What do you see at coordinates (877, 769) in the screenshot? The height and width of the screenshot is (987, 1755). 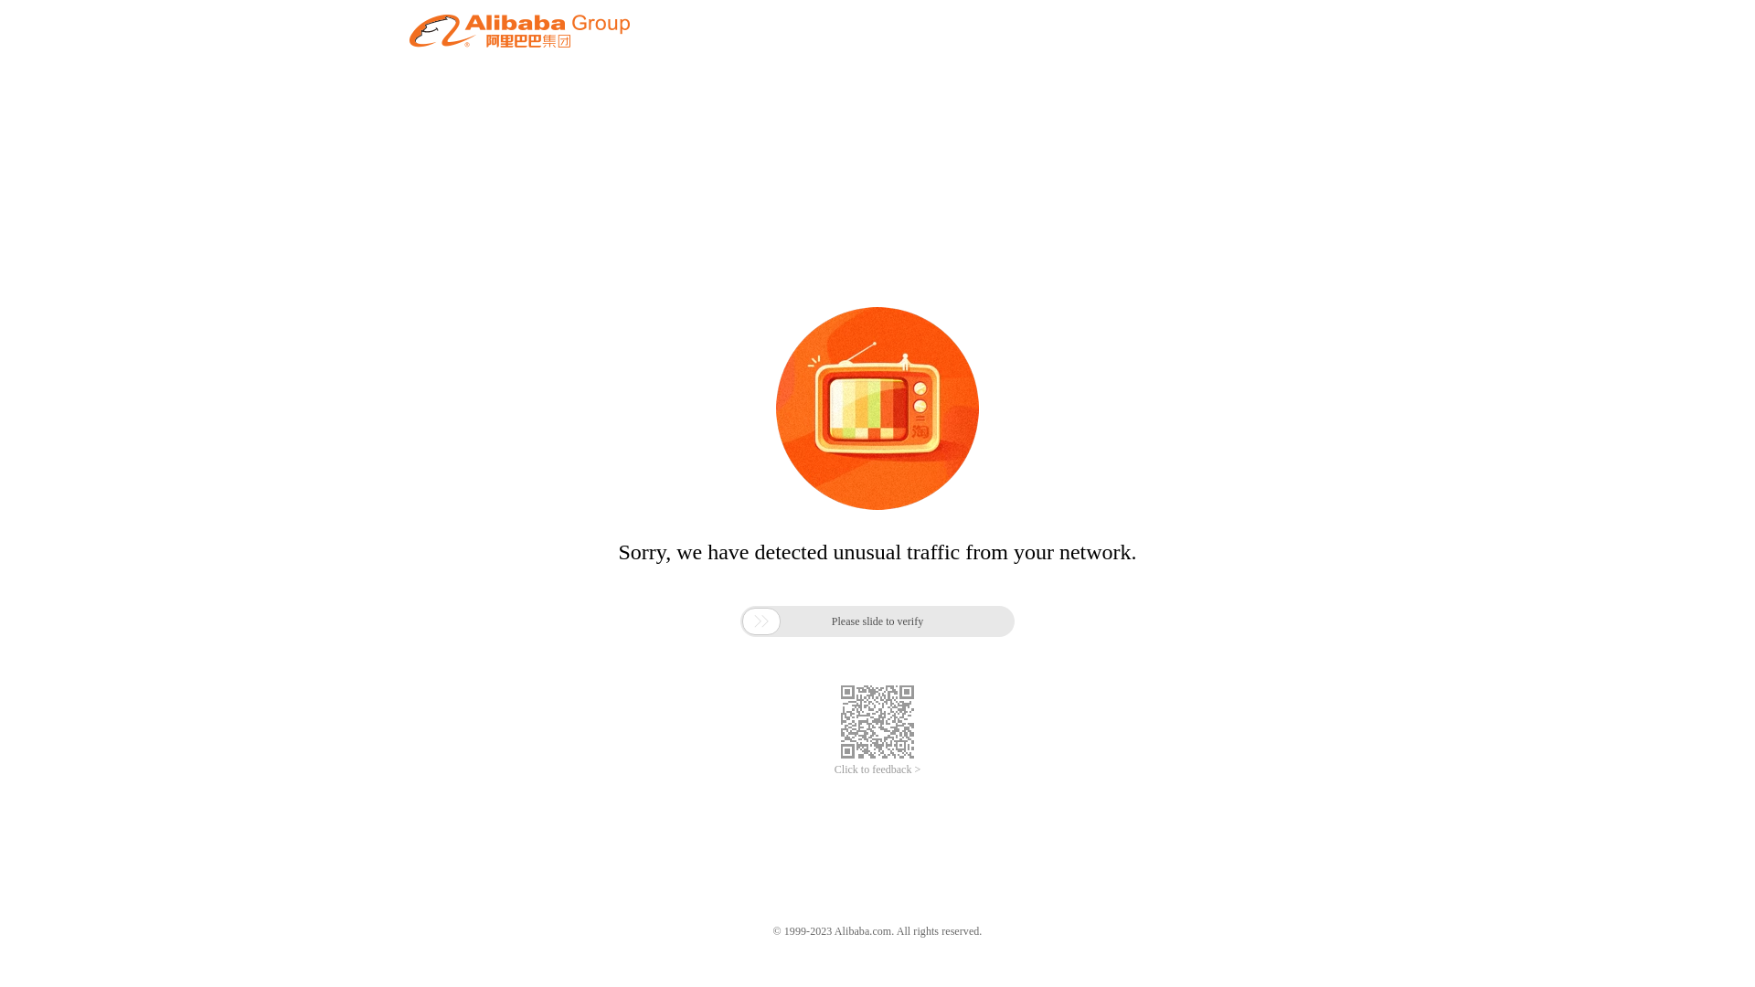 I see `'Click to feedback >'` at bounding box center [877, 769].